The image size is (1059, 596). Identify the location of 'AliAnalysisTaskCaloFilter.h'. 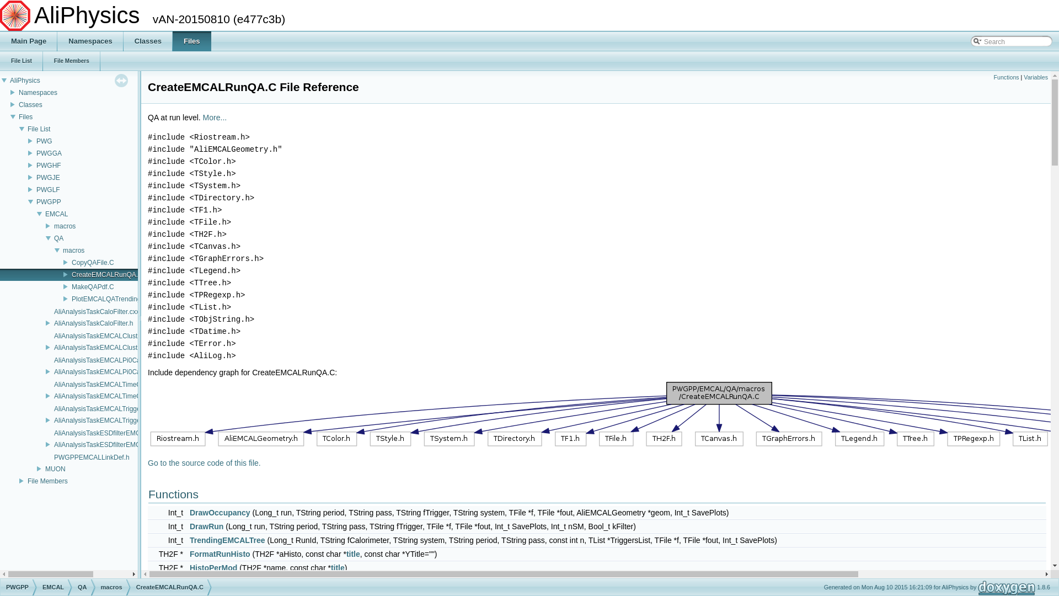
(93, 323).